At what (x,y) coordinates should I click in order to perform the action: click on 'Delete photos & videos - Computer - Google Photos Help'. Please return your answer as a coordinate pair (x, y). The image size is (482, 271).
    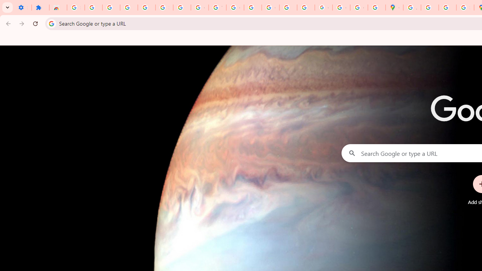
    Looking at the image, I should click on (111, 8).